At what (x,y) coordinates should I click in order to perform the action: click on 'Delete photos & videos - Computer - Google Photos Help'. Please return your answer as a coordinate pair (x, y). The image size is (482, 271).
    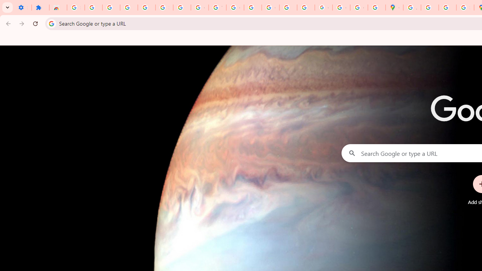
    Looking at the image, I should click on (111, 8).